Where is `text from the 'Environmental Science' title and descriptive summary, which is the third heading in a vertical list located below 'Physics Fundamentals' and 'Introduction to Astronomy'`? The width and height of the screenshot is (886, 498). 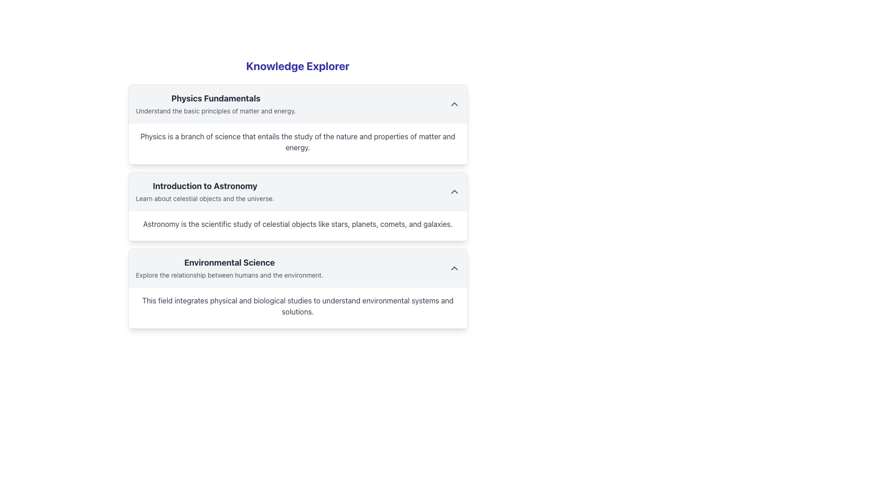 text from the 'Environmental Science' title and descriptive summary, which is the third heading in a vertical list located below 'Physics Fundamentals' and 'Introduction to Astronomy' is located at coordinates (229, 268).